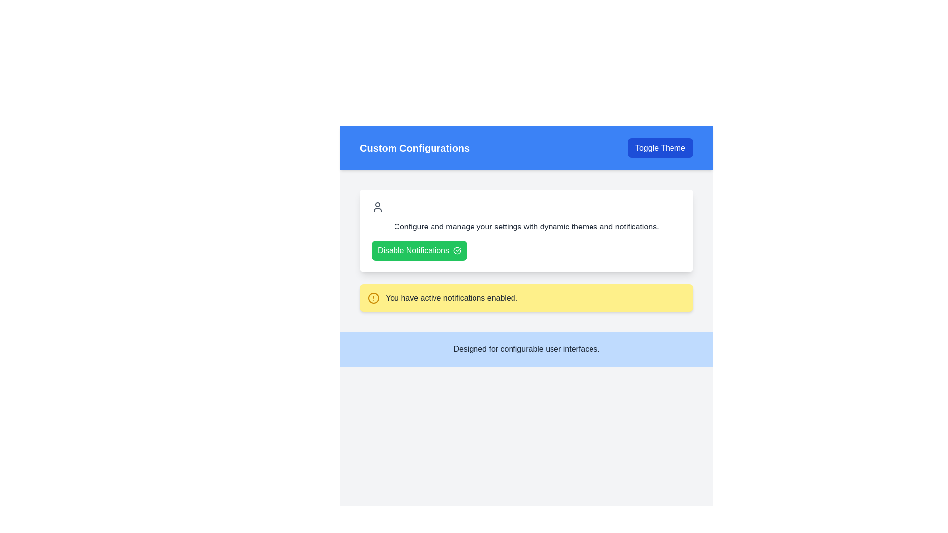 This screenshot has height=533, width=948. Describe the element at coordinates (457, 250) in the screenshot. I see `the SVG icon that symbolizes the successful state of the 'Disable Notifications' action, located to the right of the text label within the interactive green button` at that location.